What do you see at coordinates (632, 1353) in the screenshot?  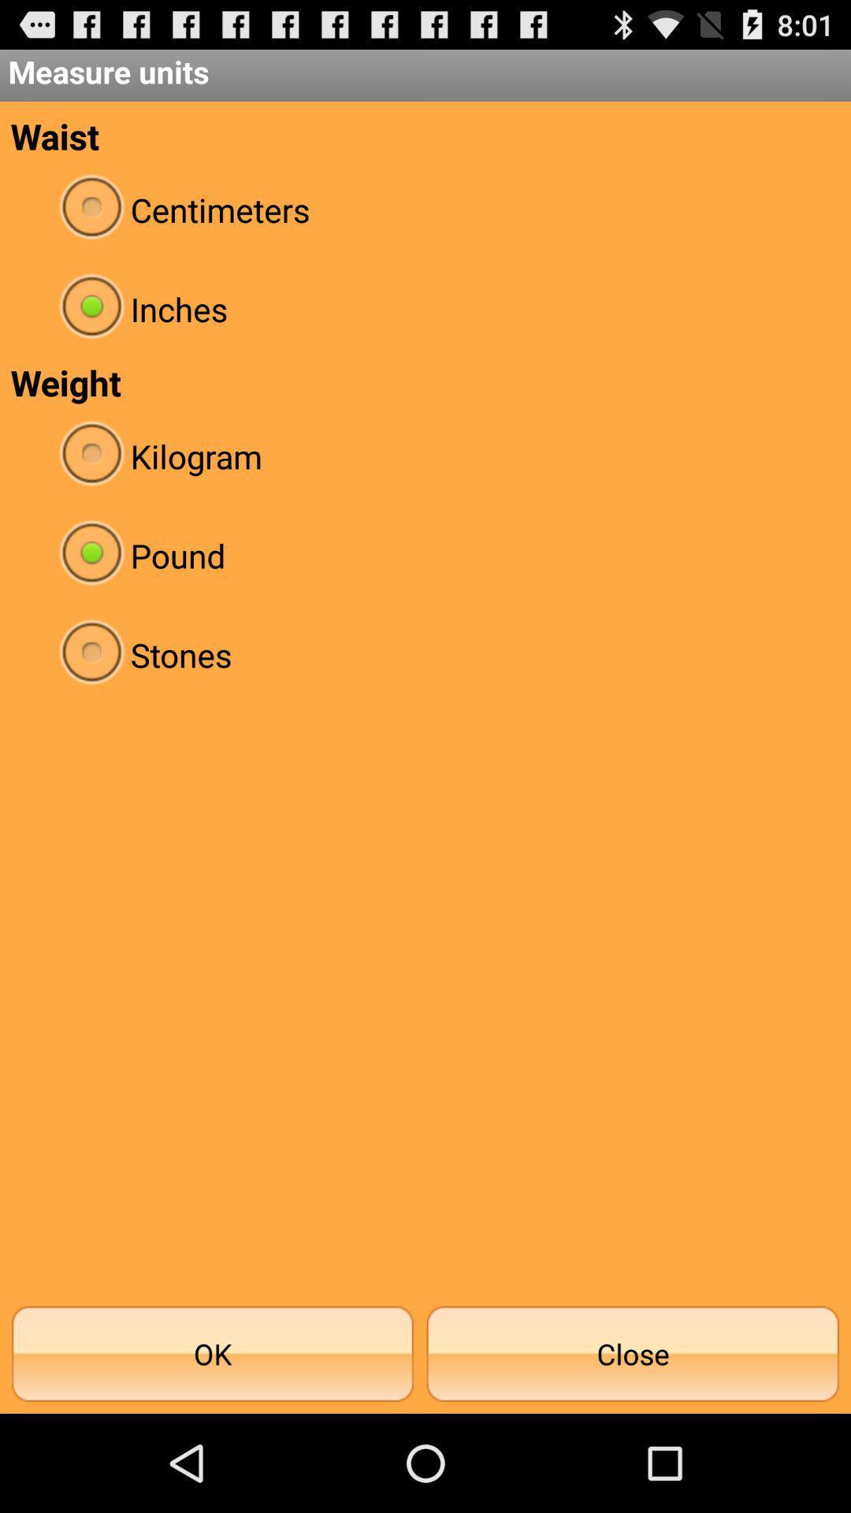 I see `close button` at bounding box center [632, 1353].